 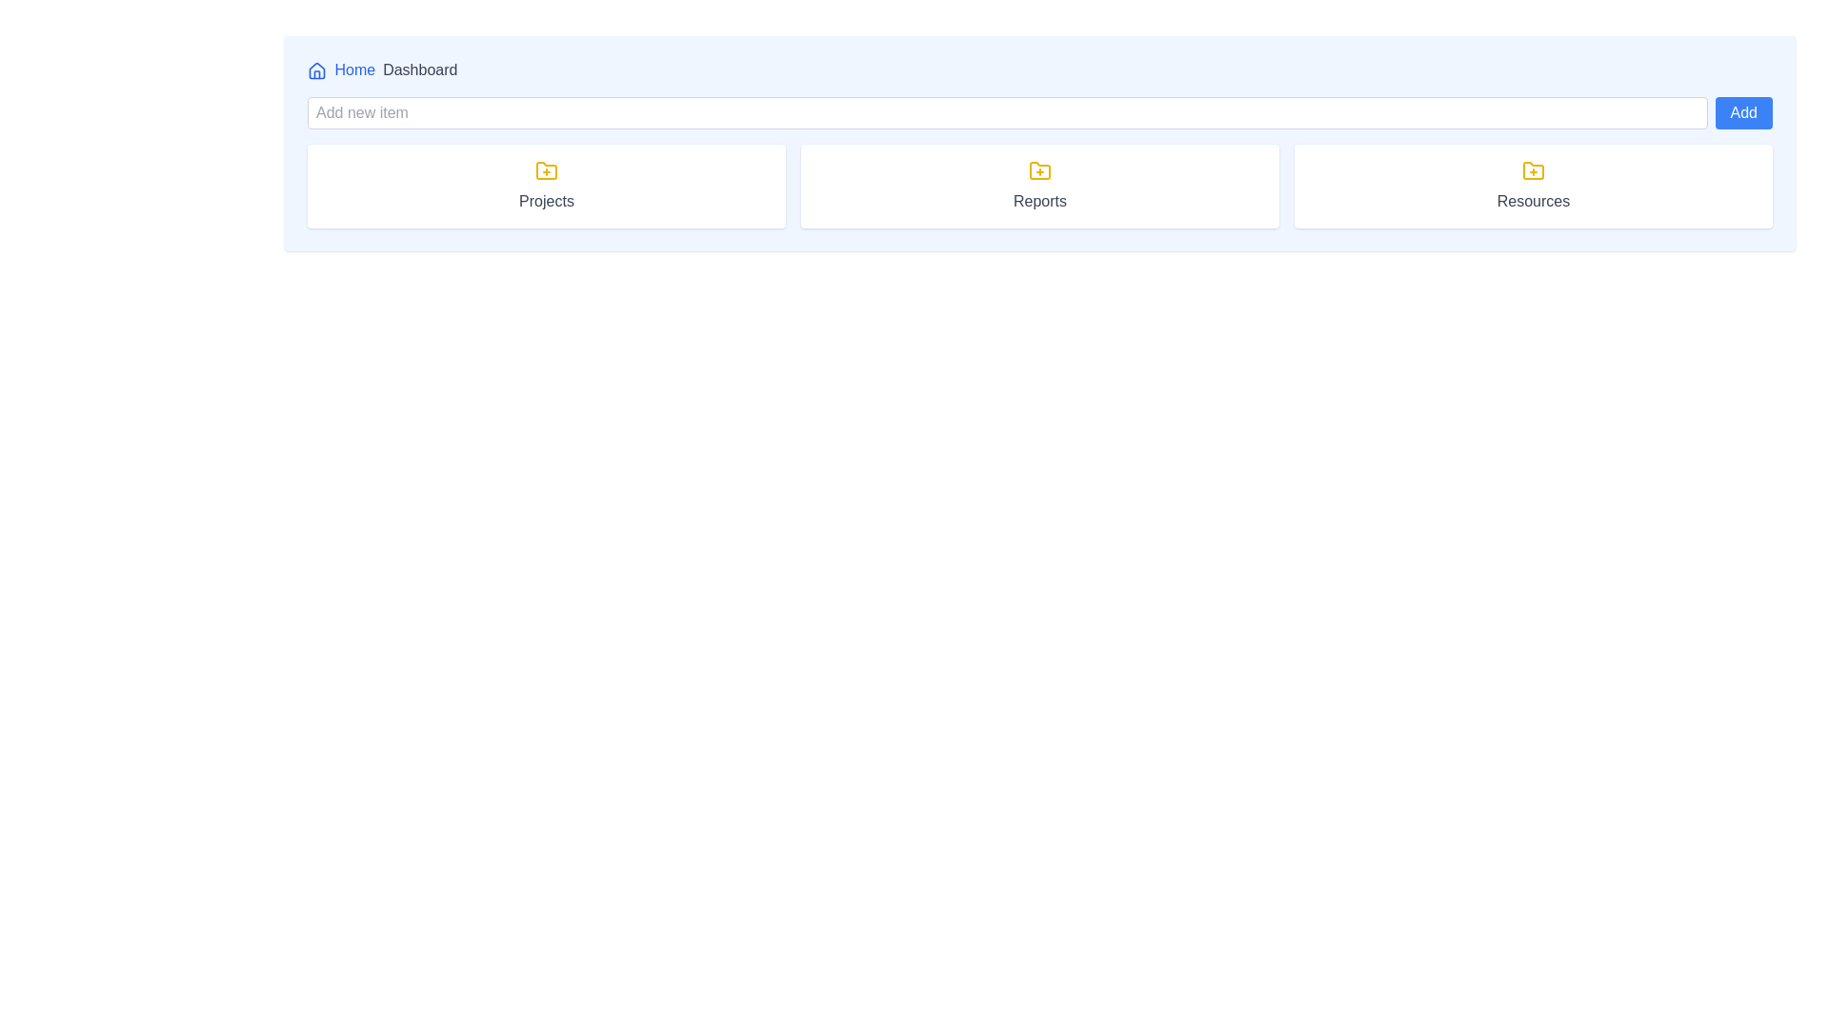 I want to click on the 'add resources' icon located in the 'Resources' section, which is the third card from the left in a horizontal row, so click(x=1533, y=171).